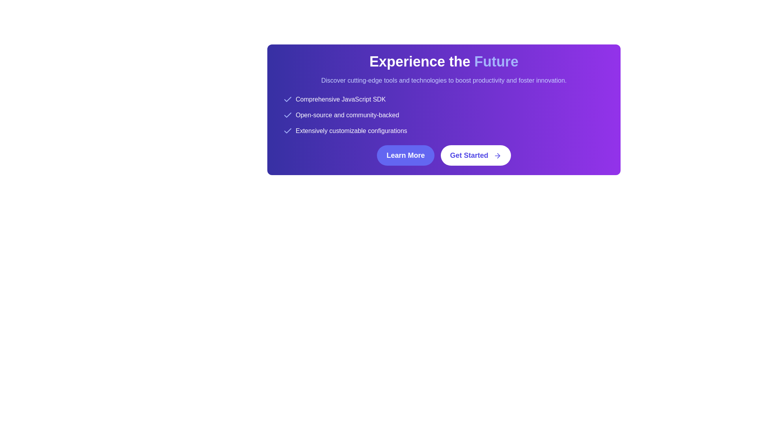  Describe the element at coordinates (347, 115) in the screenshot. I see `the text element that displays 'Open-source and community-backed' on a gradient purple background, which is the second bullet point in a vertical list` at that location.